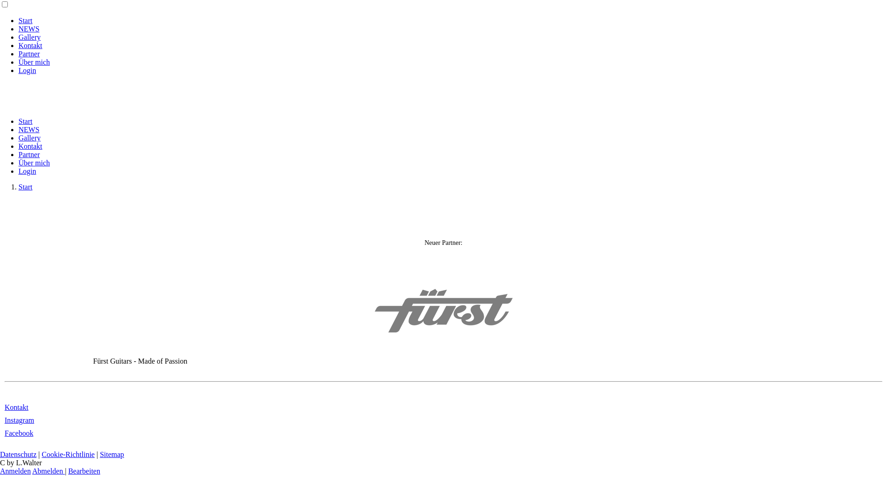 The image size is (887, 499). I want to click on 'Sitemap', so click(111, 454).